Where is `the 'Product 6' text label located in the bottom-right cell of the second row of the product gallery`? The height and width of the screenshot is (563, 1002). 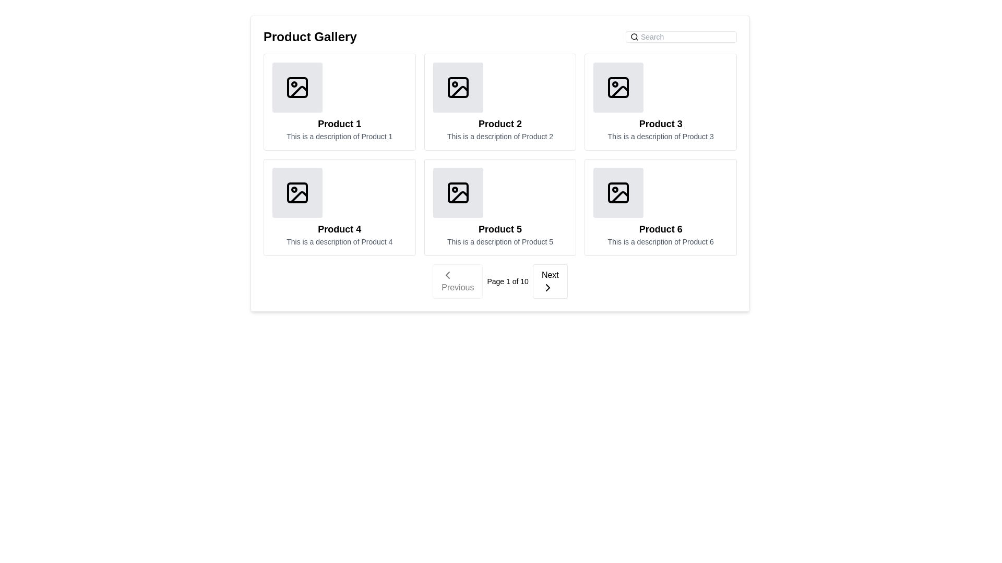 the 'Product 6' text label located in the bottom-right cell of the second row of the product gallery is located at coordinates (660, 228).